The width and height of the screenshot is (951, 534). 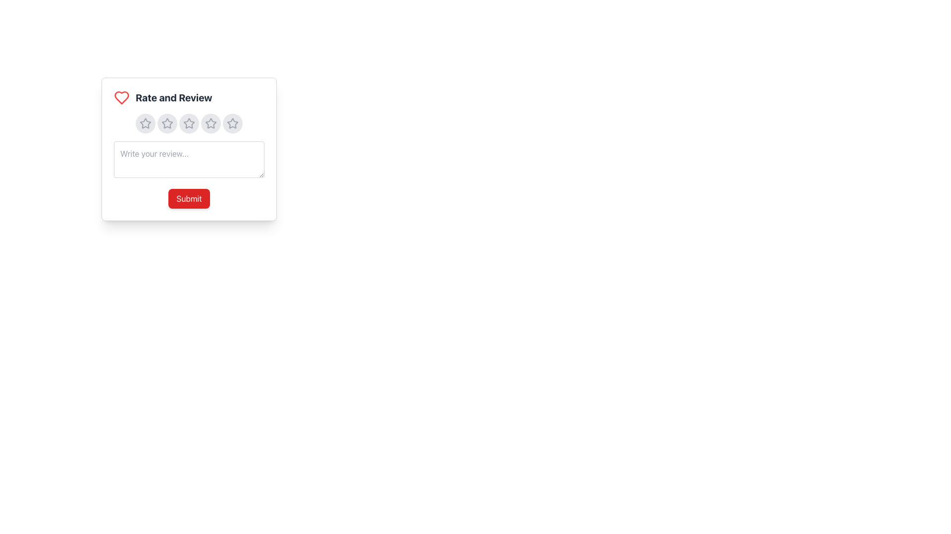 What do you see at coordinates (232, 123) in the screenshot?
I see `the fifth star icon in the row of five stars` at bounding box center [232, 123].